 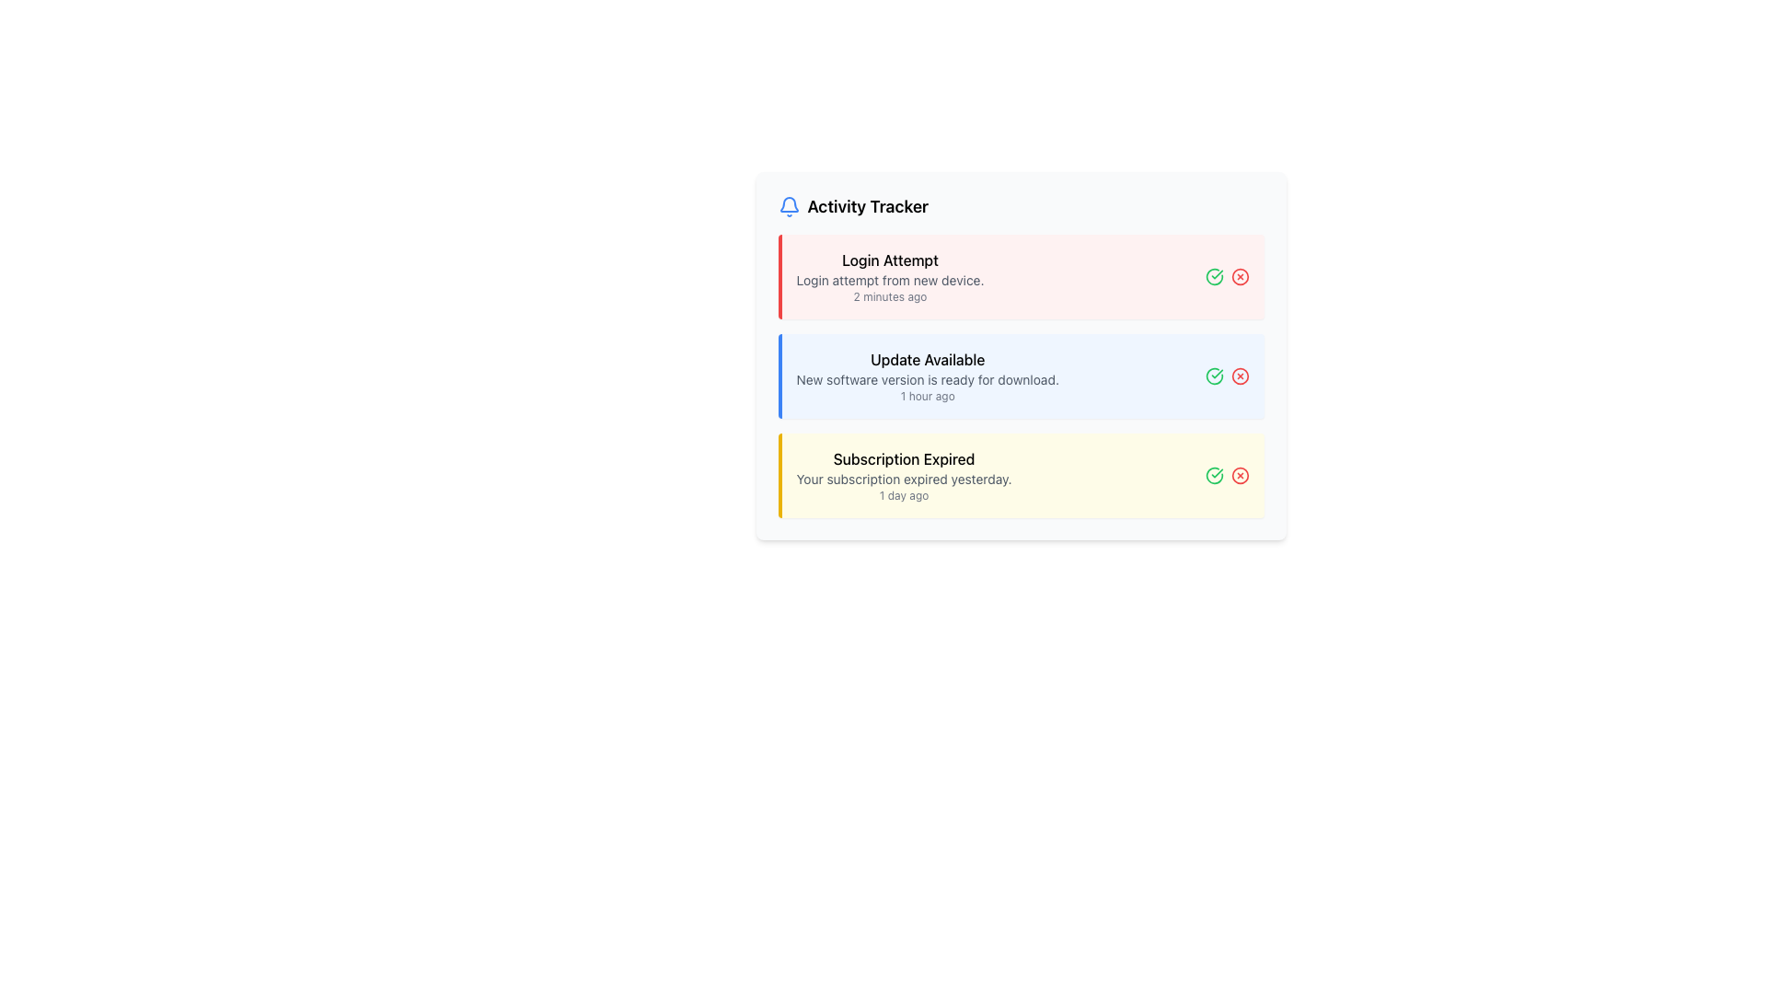 What do you see at coordinates (1020, 375) in the screenshot?
I see `the green action icon in the notification box titled 'Update Available' to confirm the update` at bounding box center [1020, 375].